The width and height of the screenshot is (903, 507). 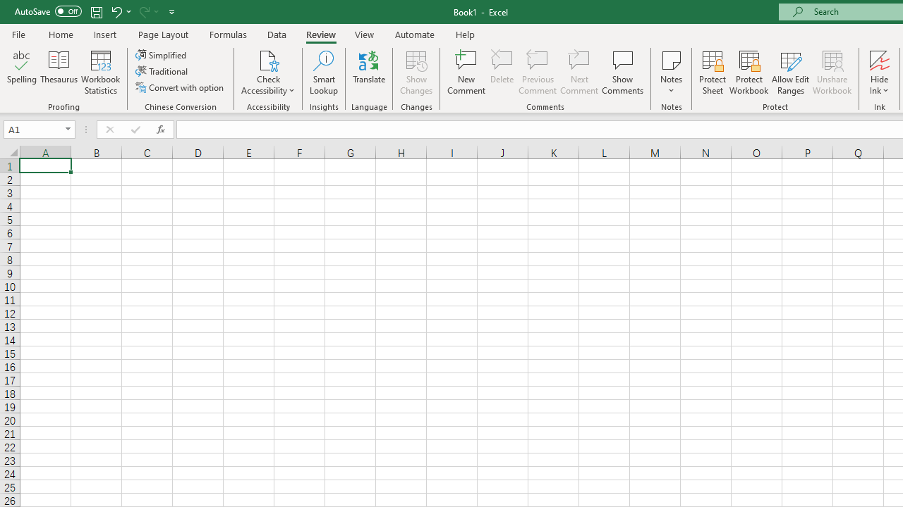 I want to click on 'Check Accessibility', so click(x=268, y=59).